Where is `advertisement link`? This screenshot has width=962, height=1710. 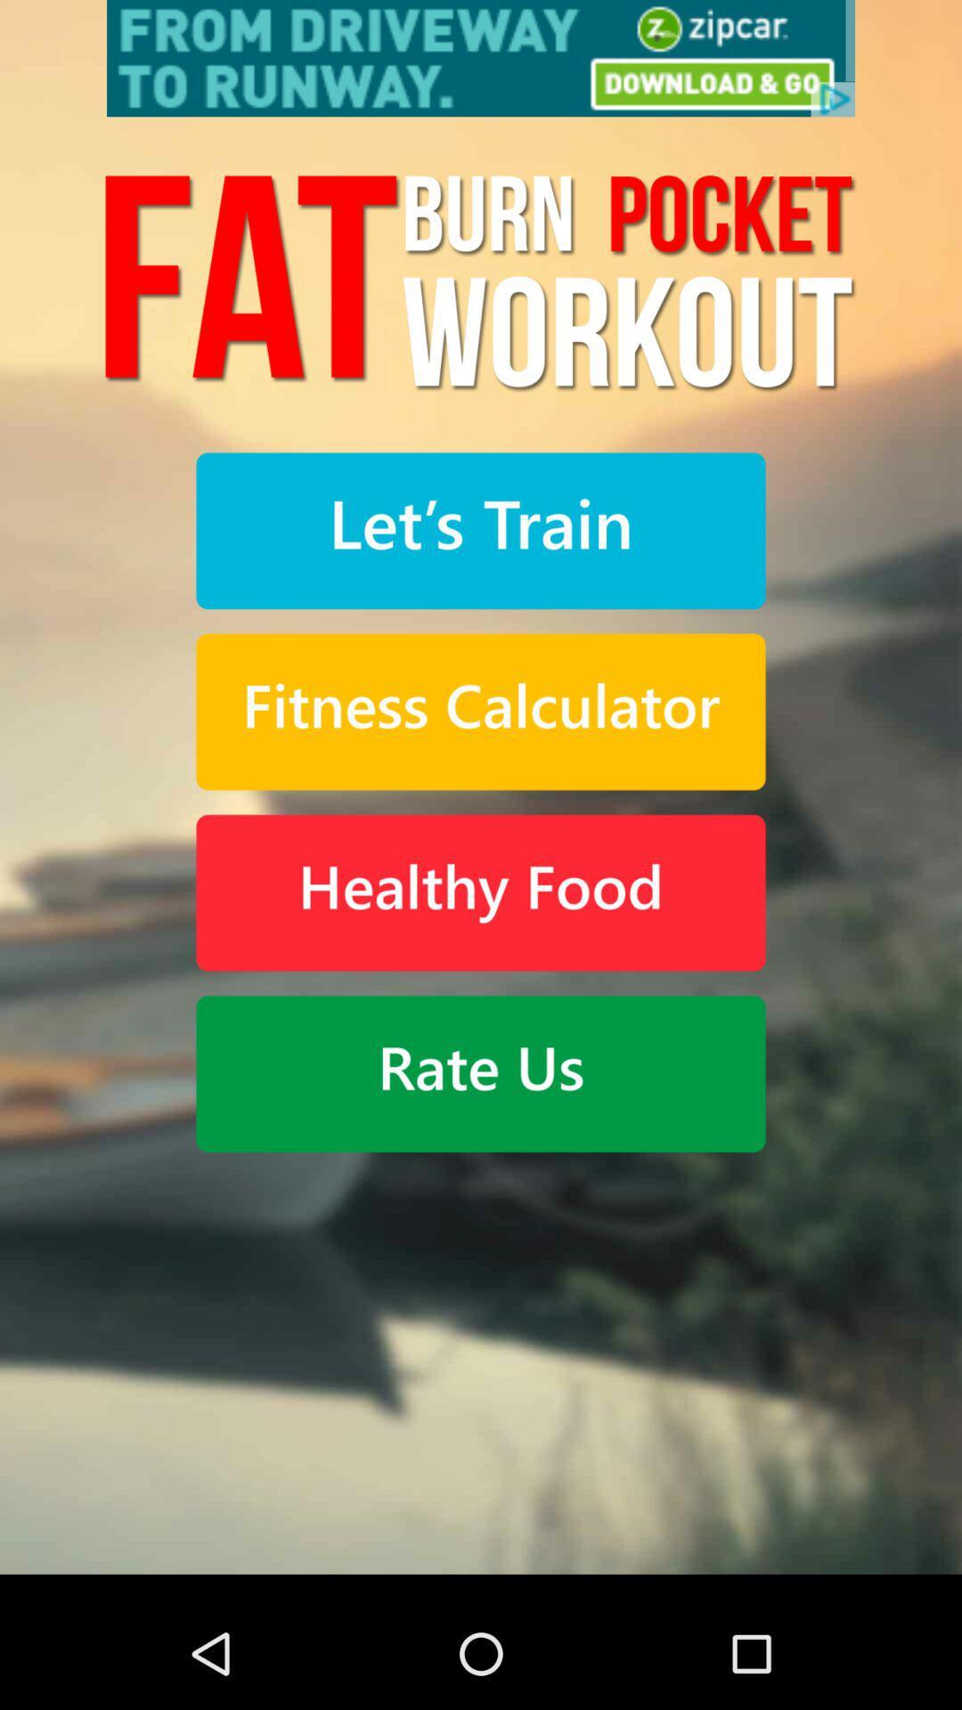 advertisement link is located at coordinates (481, 58).